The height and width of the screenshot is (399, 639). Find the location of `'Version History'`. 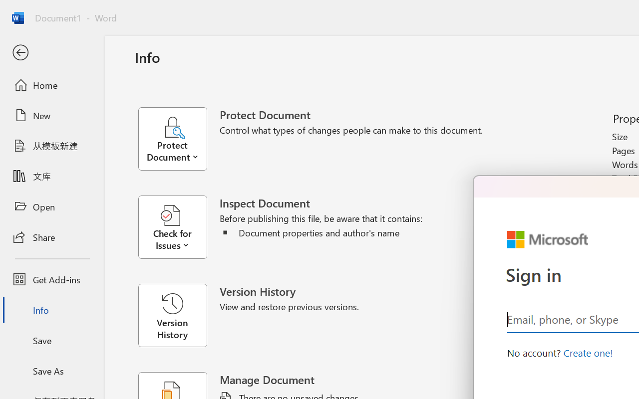

'Version History' is located at coordinates (172, 315).